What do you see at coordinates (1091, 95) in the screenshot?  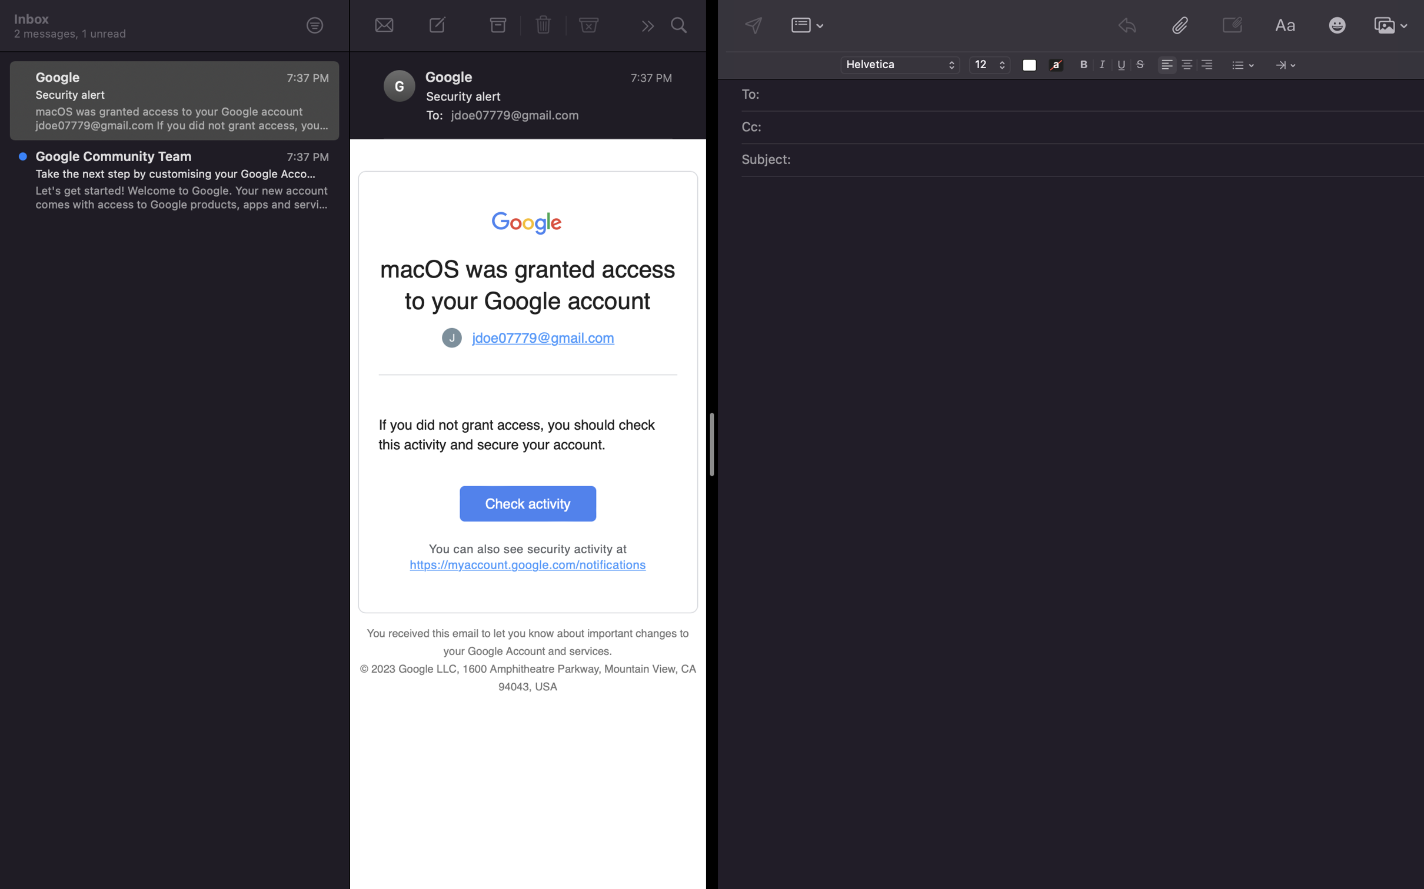 I see `Insert "emily@gmail.com" in the recipient bar` at bounding box center [1091, 95].